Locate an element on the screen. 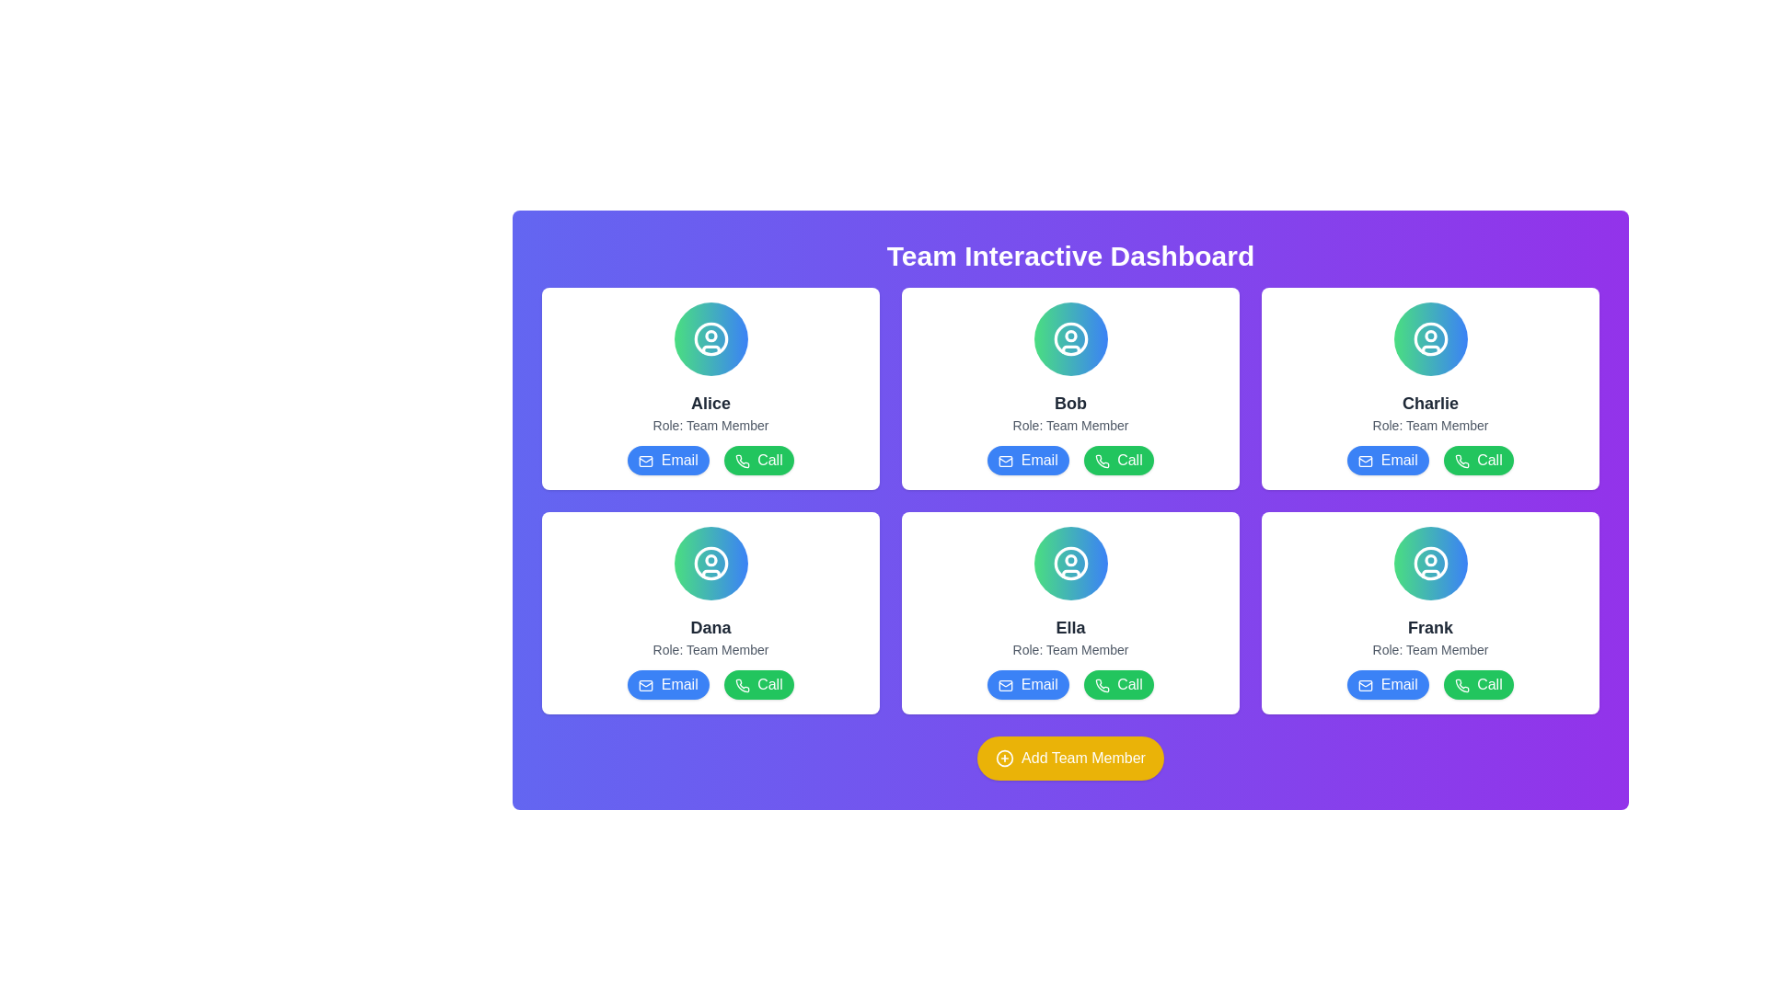 The height and width of the screenshot is (993, 1767). the envelope icon within the 'Email' button is located at coordinates (1005, 460).